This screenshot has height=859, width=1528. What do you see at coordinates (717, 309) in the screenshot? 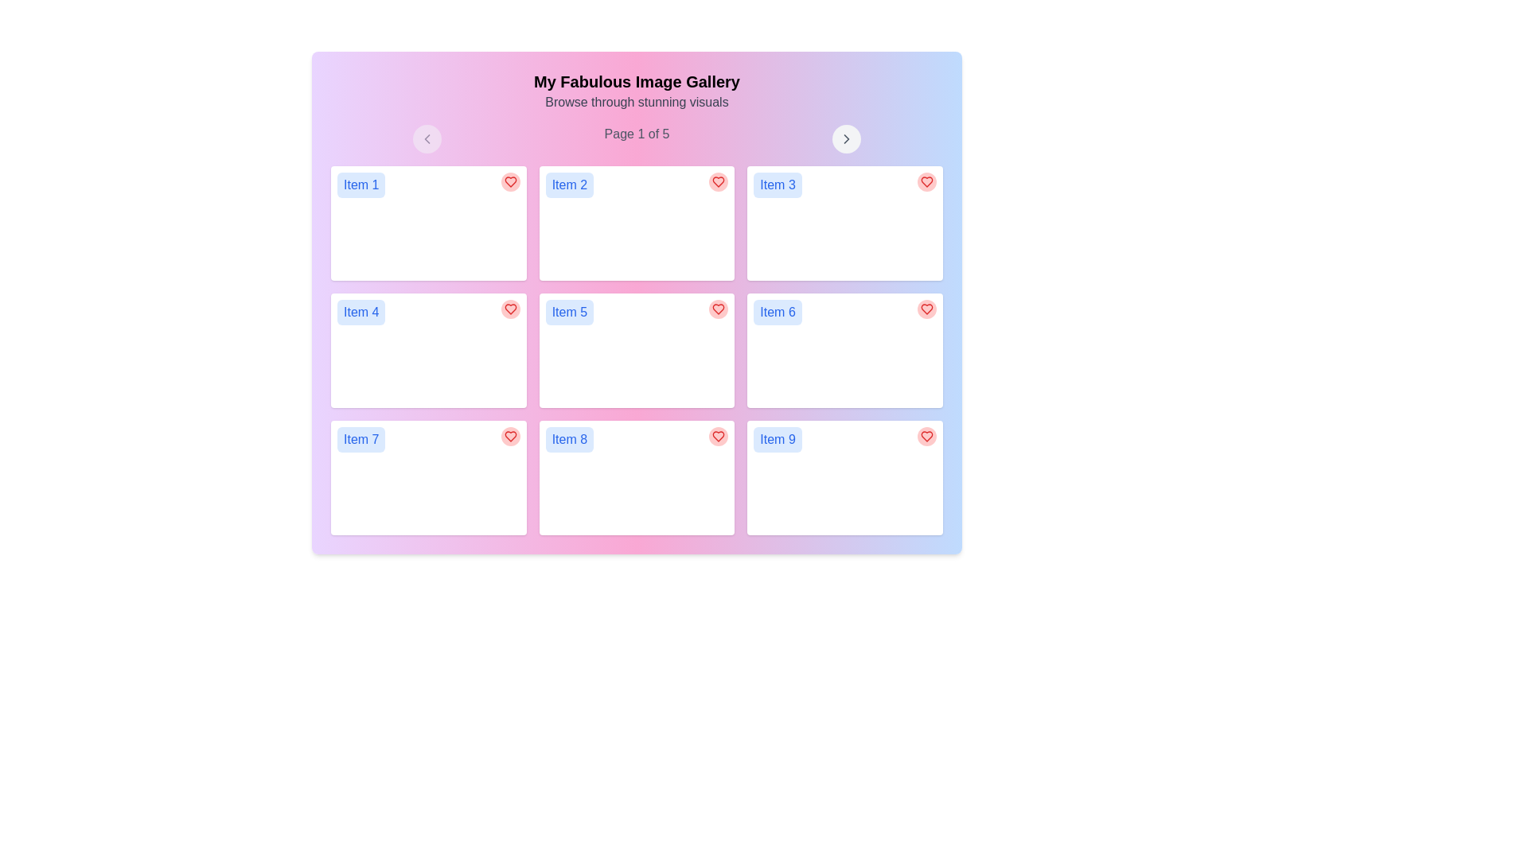
I see `the circular muted red button with a heart icon in the top-right corner of the 'Item 5' card to like or favorite the item` at bounding box center [717, 309].